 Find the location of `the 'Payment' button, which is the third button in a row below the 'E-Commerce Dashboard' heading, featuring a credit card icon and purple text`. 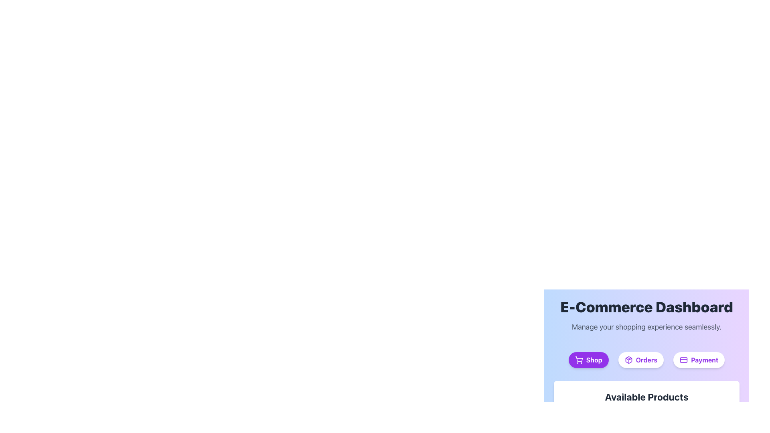

the 'Payment' button, which is the third button in a row below the 'E-Commerce Dashboard' heading, featuring a credit card icon and purple text is located at coordinates (699, 360).